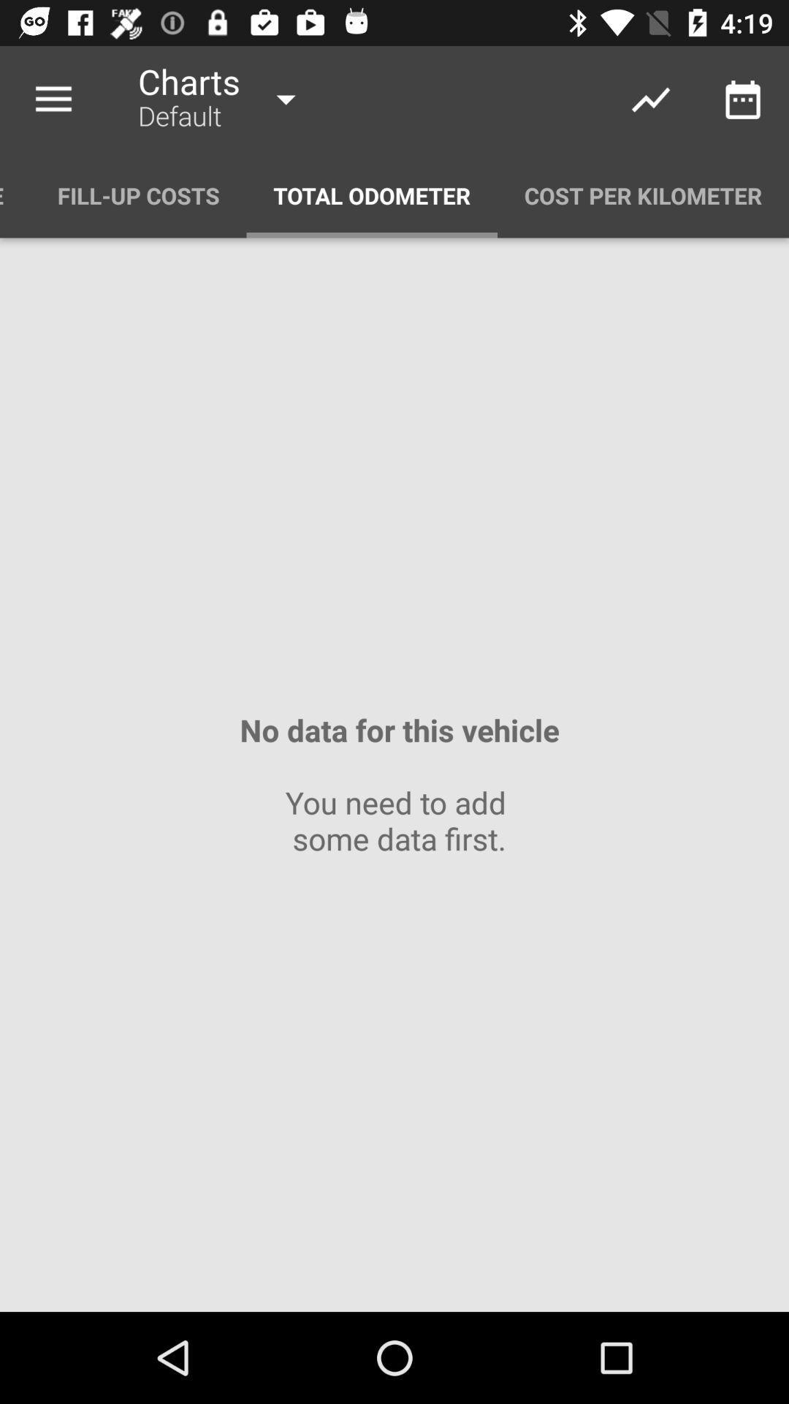 This screenshot has width=789, height=1404. Describe the element at coordinates (743, 99) in the screenshot. I see `item above the cost per kilometer` at that location.